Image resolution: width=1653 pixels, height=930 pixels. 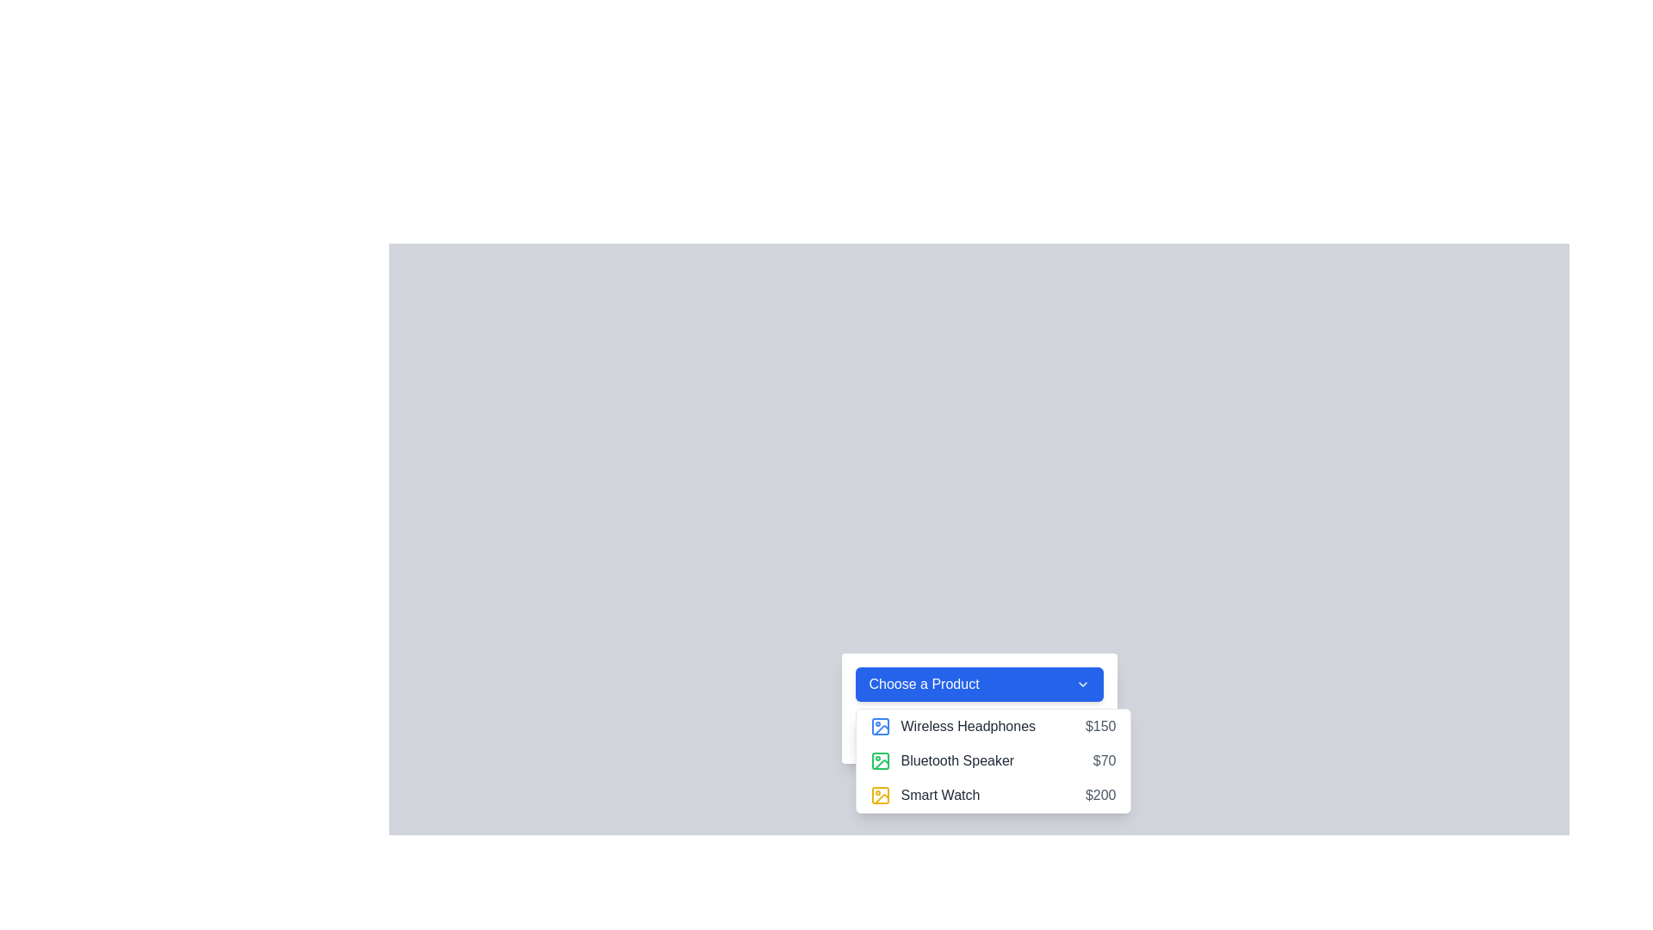 What do you see at coordinates (939, 796) in the screenshot?
I see `the text label displaying 'Smart Watch' in bold dark gray font located at the rightmost position of a horizontal layout within a dropdown menu` at bounding box center [939, 796].